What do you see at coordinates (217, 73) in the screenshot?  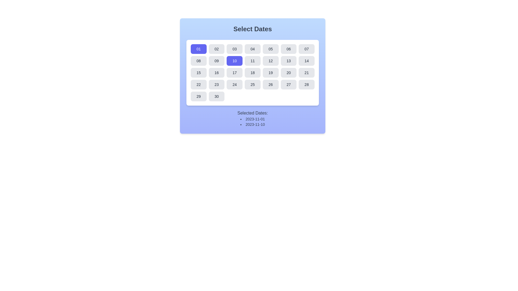 I see `the square button with rounded corners displaying the number '16'` at bounding box center [217, 73].